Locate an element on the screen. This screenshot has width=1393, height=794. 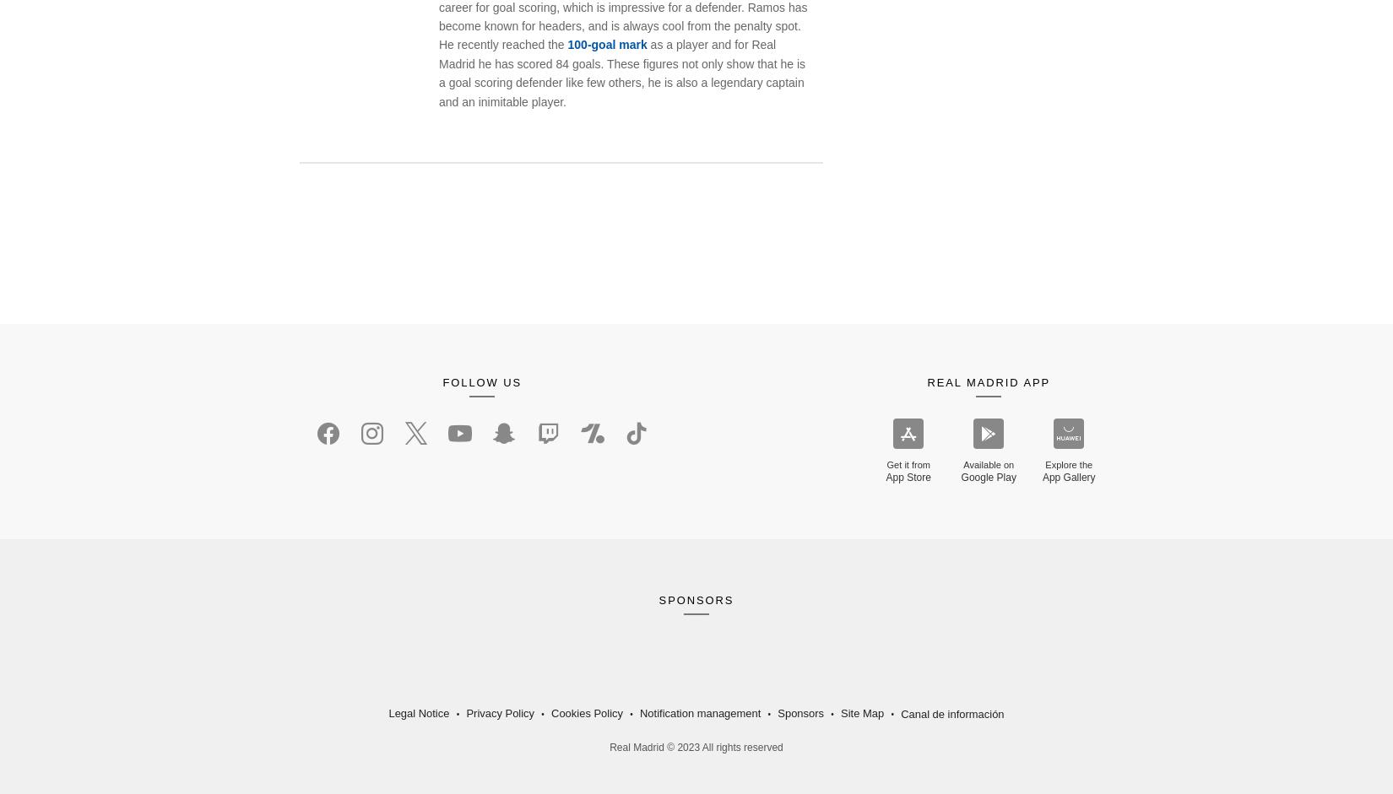
'App Gallery' is located at coordinates (1042, 477).